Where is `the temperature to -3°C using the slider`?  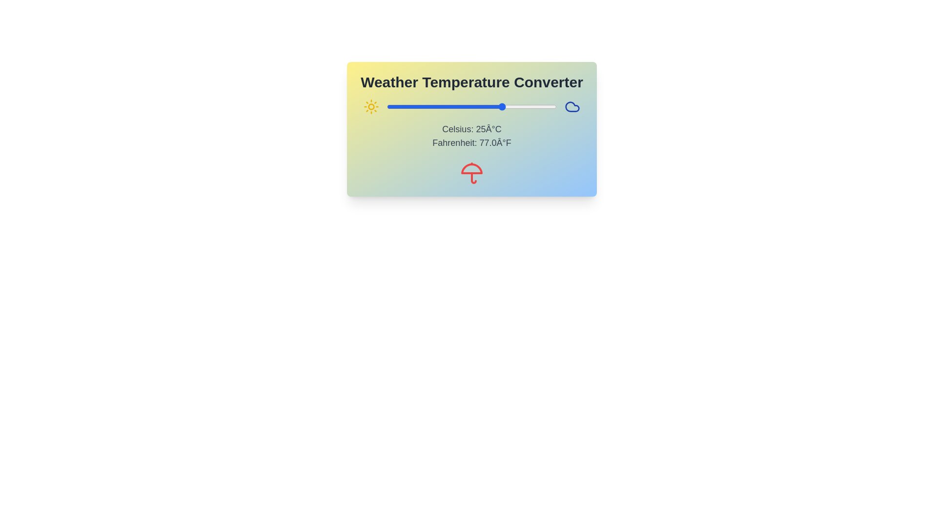
the temperature to -3°C using the slider is located at coordinates (444, 107).